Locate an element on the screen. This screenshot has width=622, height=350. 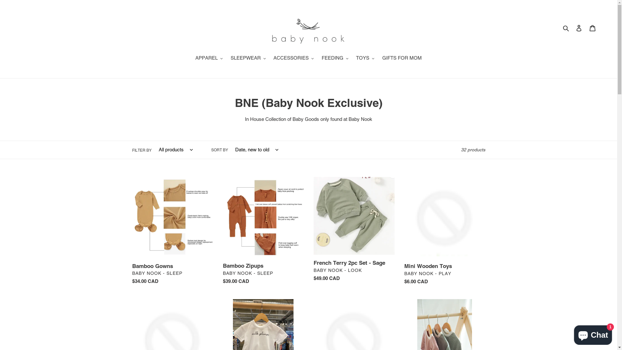
'Mini Wooden Toys' is located at coordinates (444, 232).